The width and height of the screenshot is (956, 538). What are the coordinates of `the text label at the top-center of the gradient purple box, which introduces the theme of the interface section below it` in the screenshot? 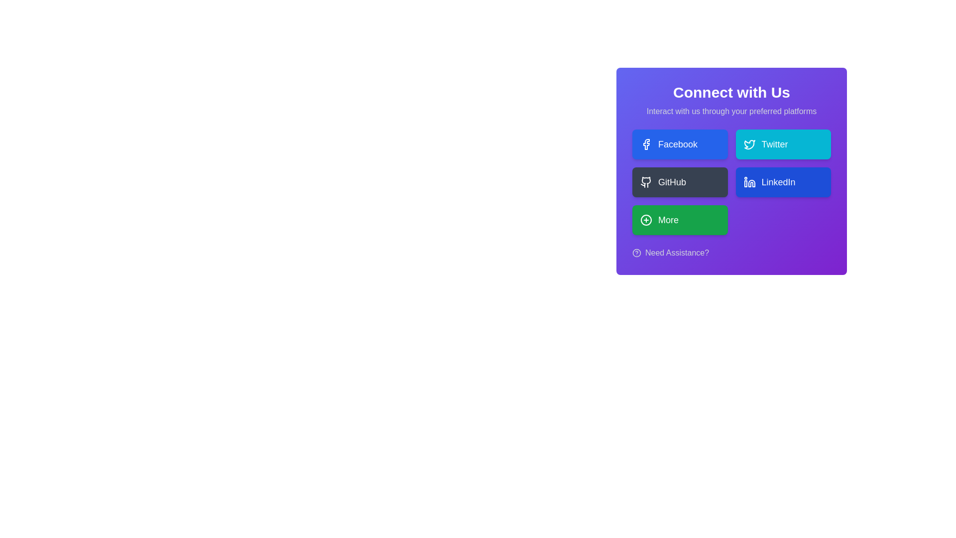 It's located at (731, 92).